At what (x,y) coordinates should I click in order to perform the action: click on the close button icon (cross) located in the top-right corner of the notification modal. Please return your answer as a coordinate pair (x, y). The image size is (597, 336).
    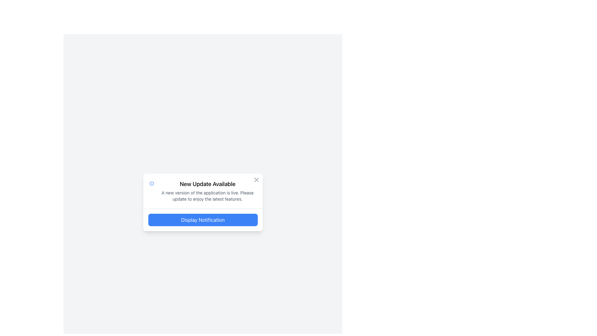
    Looking at the image, I should click on (256, 180).